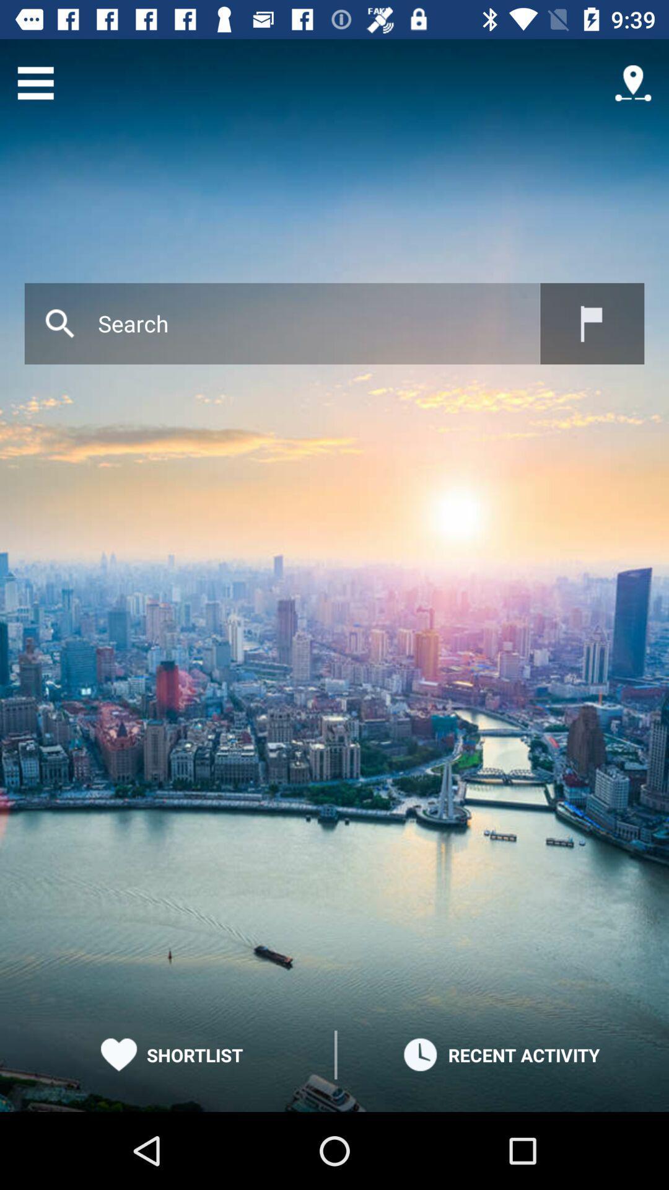  Describe the element at coordinates (633, 82) in the screenshot. I see `navigation` at that location.